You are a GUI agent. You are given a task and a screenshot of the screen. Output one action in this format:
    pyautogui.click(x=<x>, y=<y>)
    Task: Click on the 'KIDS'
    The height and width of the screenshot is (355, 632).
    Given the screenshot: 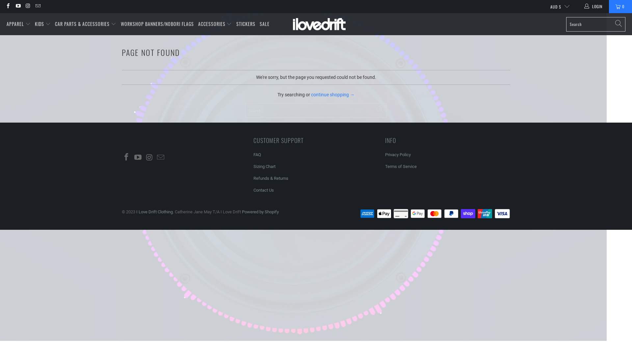 What is the action you would take?
    pyautogui.click(x=42, y=24)
    